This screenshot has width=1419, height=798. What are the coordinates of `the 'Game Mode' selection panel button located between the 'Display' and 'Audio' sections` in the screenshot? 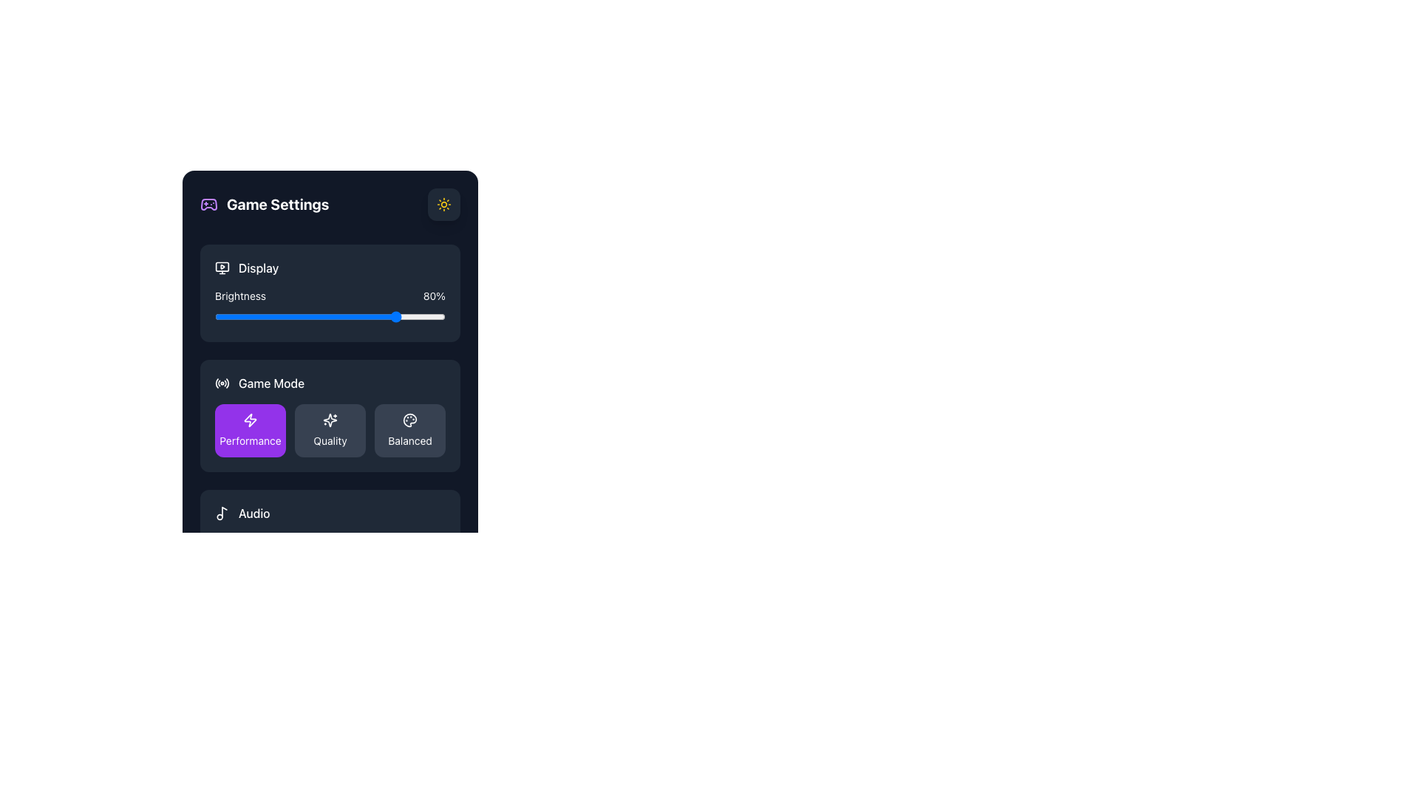 It's located at (329, 416).